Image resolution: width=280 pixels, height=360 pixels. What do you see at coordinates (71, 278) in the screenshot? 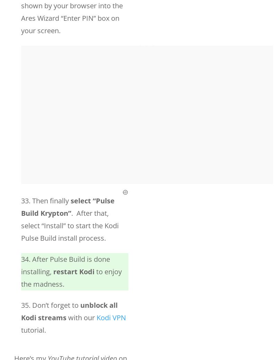
I see `'to enjoy the madness.'` at bounding box center [71, 278].